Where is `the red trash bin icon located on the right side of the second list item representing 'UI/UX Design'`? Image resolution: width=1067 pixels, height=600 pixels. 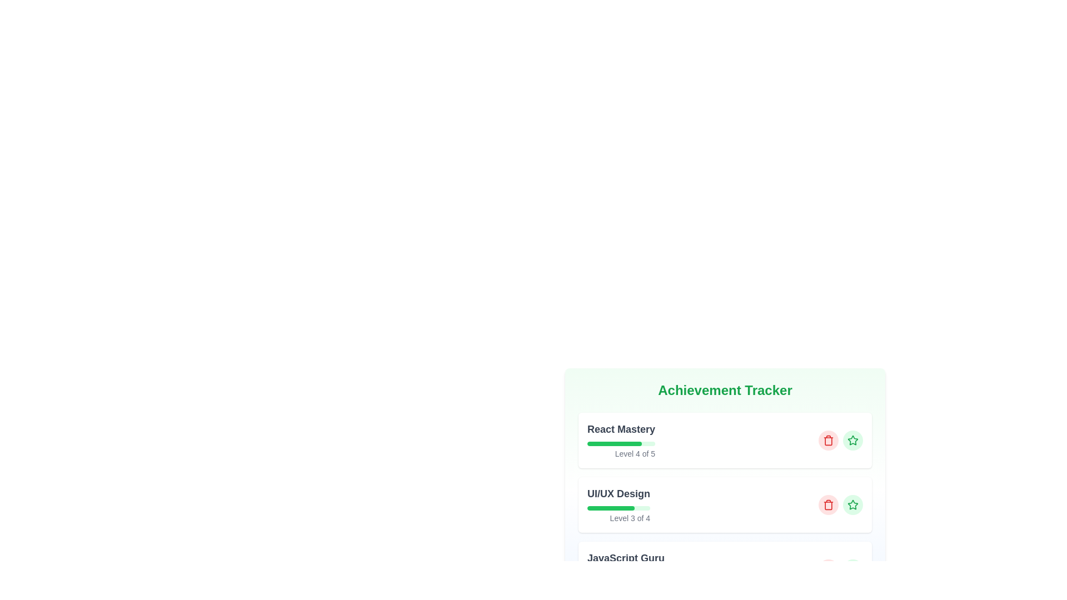
the red trash bin icon located on the right side of the second list item representing 'UI/UX Design' is located at coordinates (829, 440).